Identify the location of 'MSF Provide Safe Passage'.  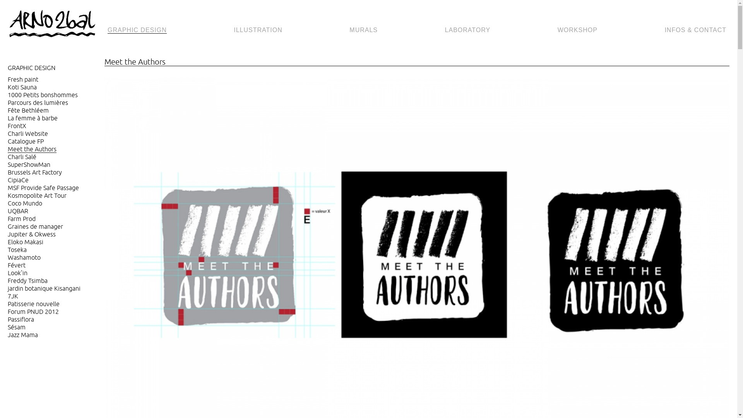
(43, 188).